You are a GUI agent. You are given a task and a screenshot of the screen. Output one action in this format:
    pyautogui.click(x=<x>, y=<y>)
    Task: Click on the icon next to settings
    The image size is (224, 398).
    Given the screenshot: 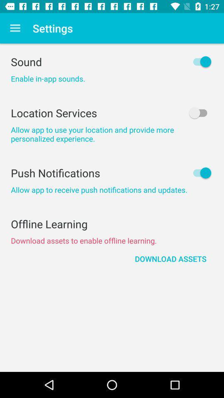 What is the action you would take?
    pyautogui.click(x=15, y=28)
    